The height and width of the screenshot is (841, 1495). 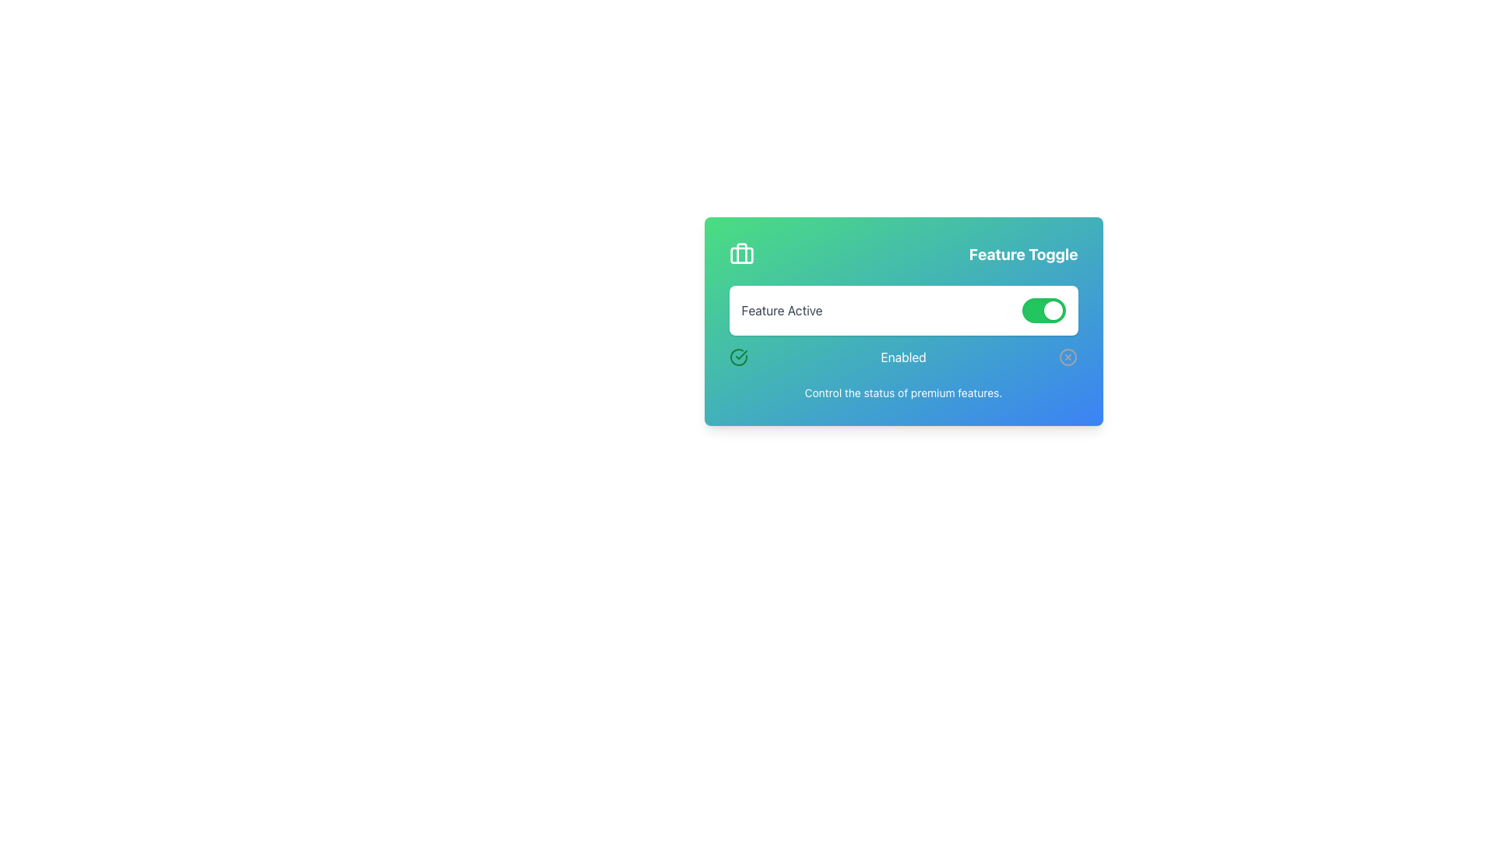 What do you see at coordinates (903, 357) in the screenshot?
I see `the Text Label that indicates the enabled state of a feature, positioned between a green checkmark icon and a gray cross icon` at bounding box center [903, 357].